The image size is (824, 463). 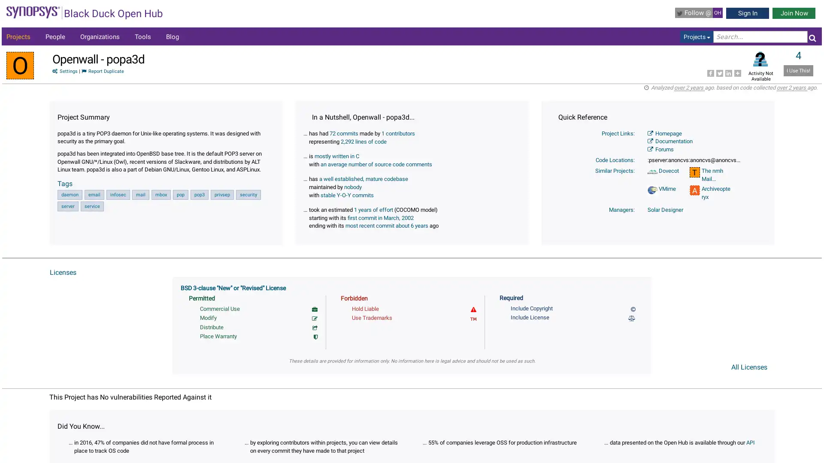 I want to click on Share to Twitter, so click(x=719, y=72).